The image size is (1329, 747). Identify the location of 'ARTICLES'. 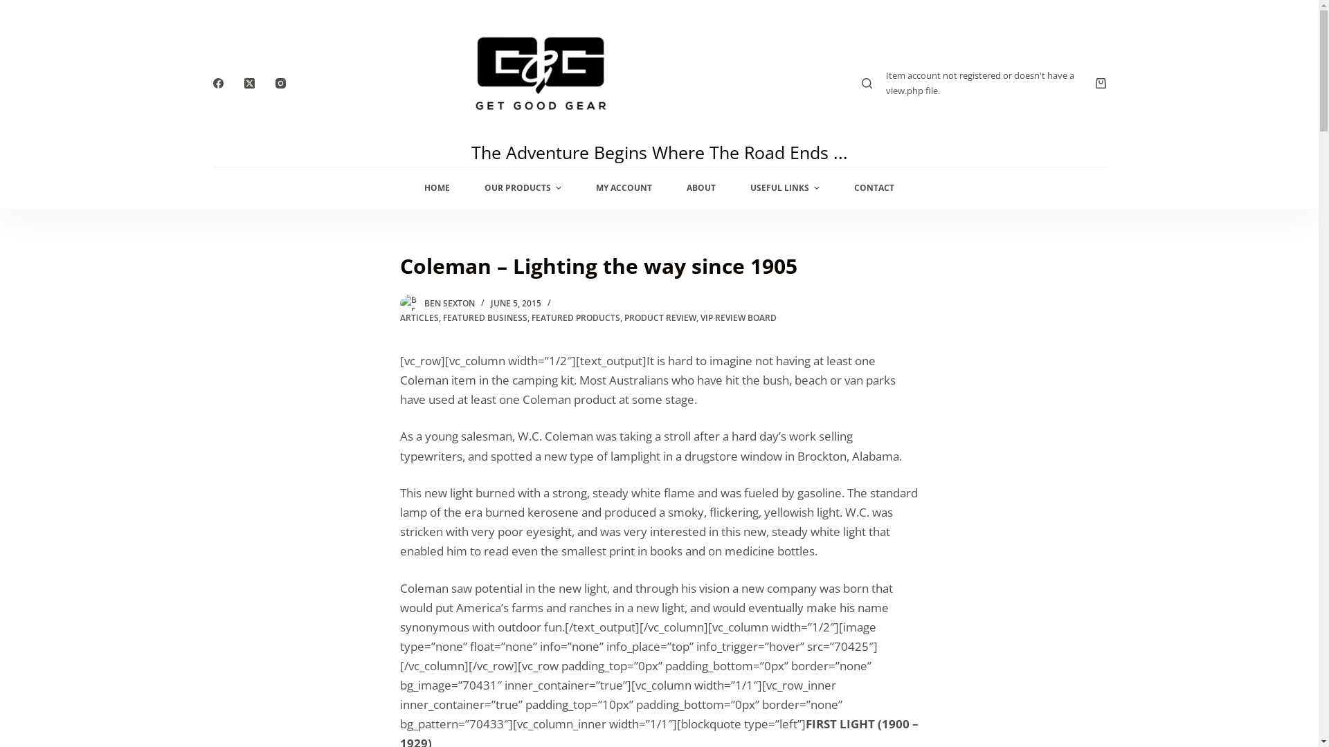
(418, 317).